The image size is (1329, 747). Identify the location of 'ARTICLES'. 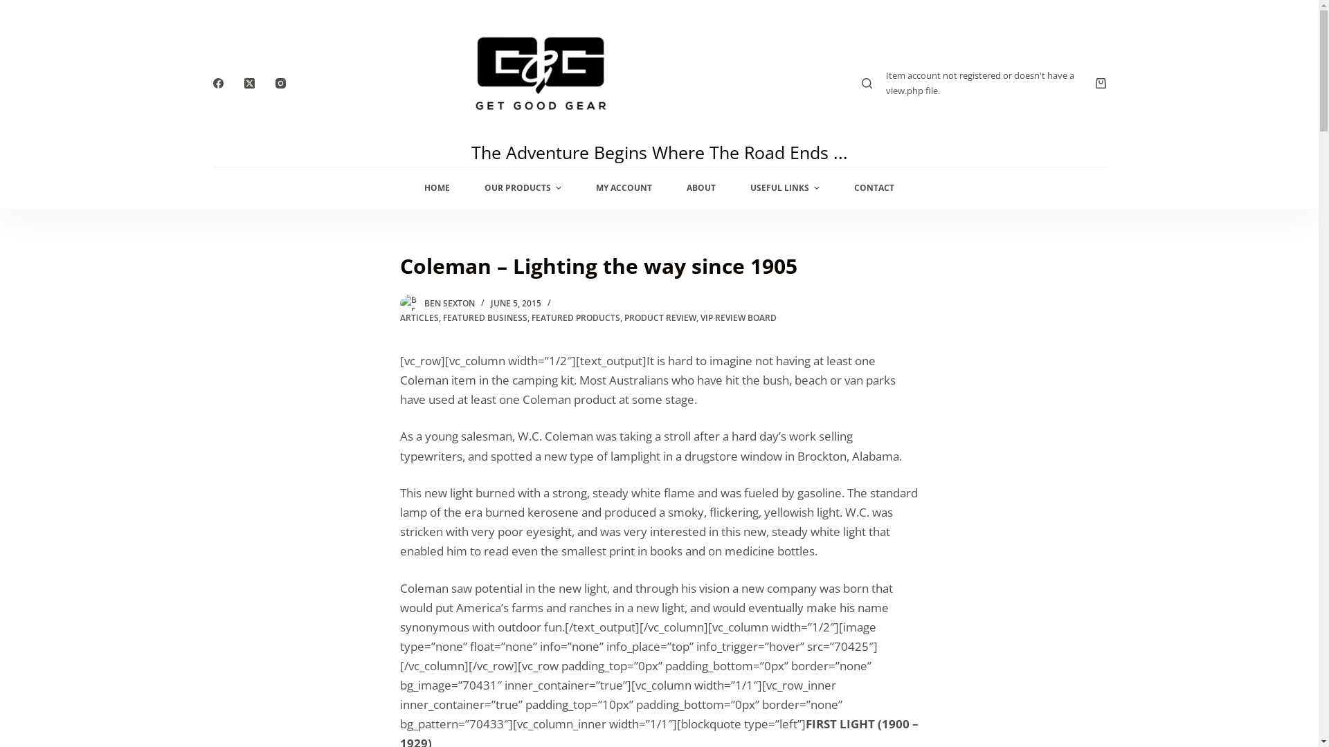
(418, 317).